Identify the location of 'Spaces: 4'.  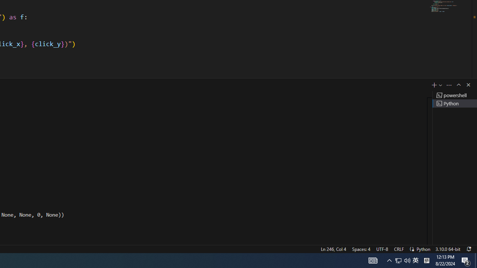
(361, 249).